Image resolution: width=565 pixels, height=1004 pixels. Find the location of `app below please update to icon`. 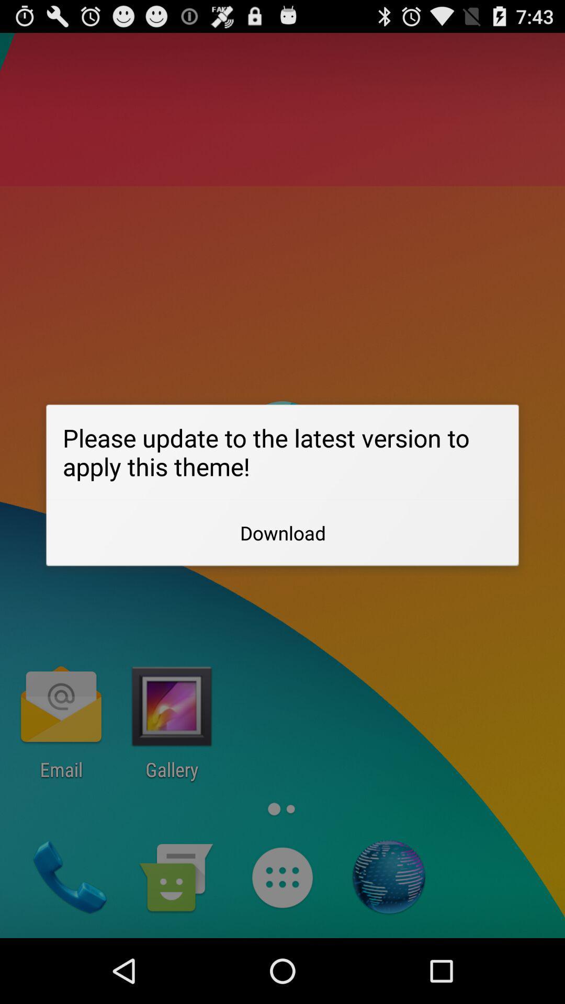

app below please update to icon is located at coordinates (282, 533).